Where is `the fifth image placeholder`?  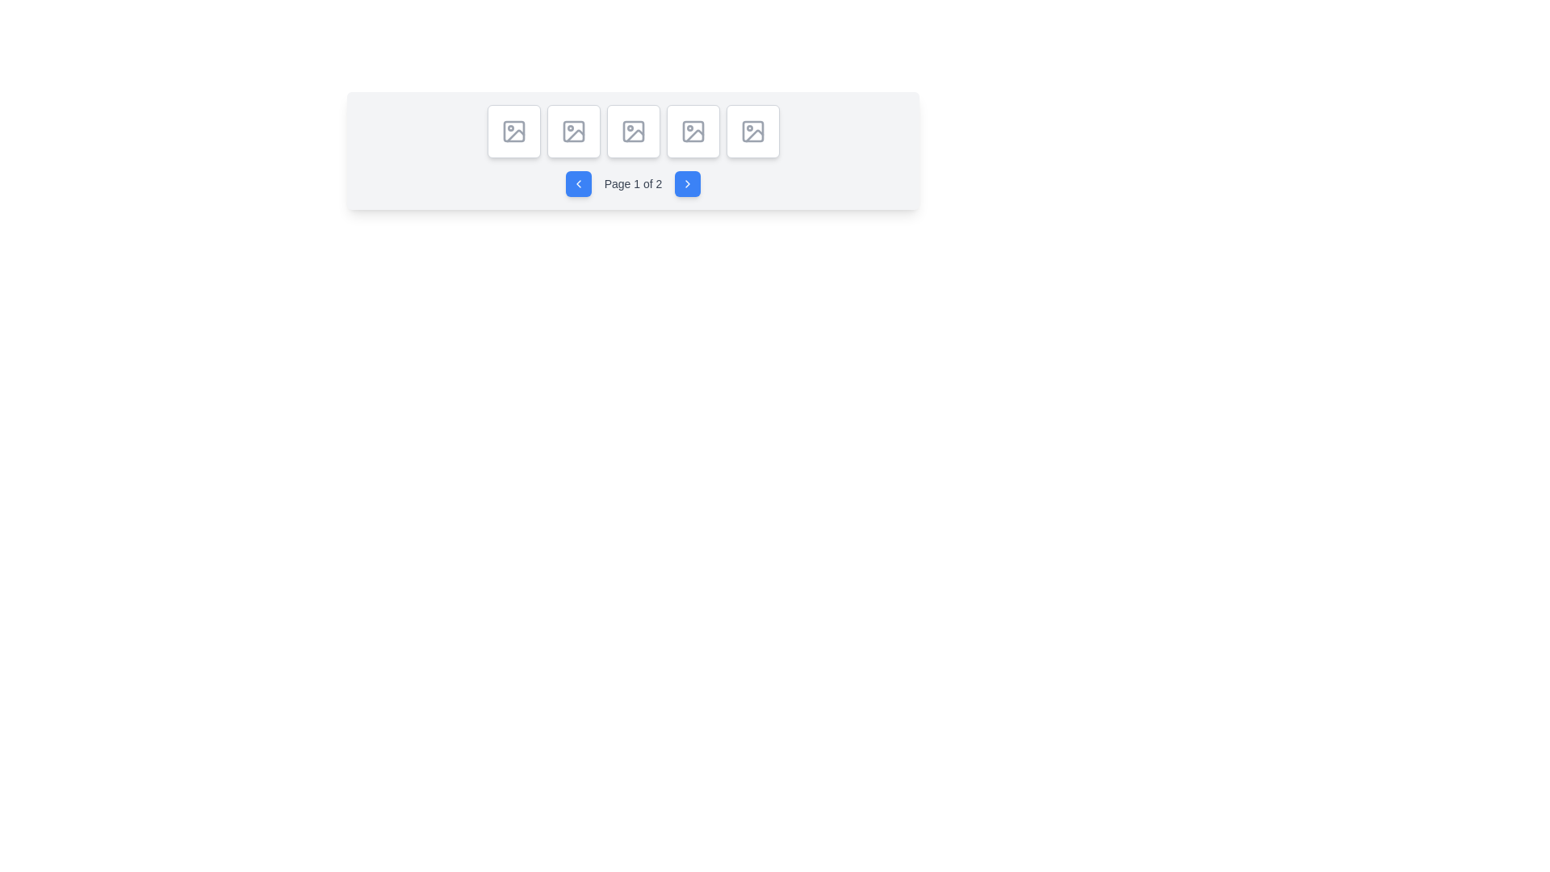 the fifth image placeholder is located at coordinates (752, 130).